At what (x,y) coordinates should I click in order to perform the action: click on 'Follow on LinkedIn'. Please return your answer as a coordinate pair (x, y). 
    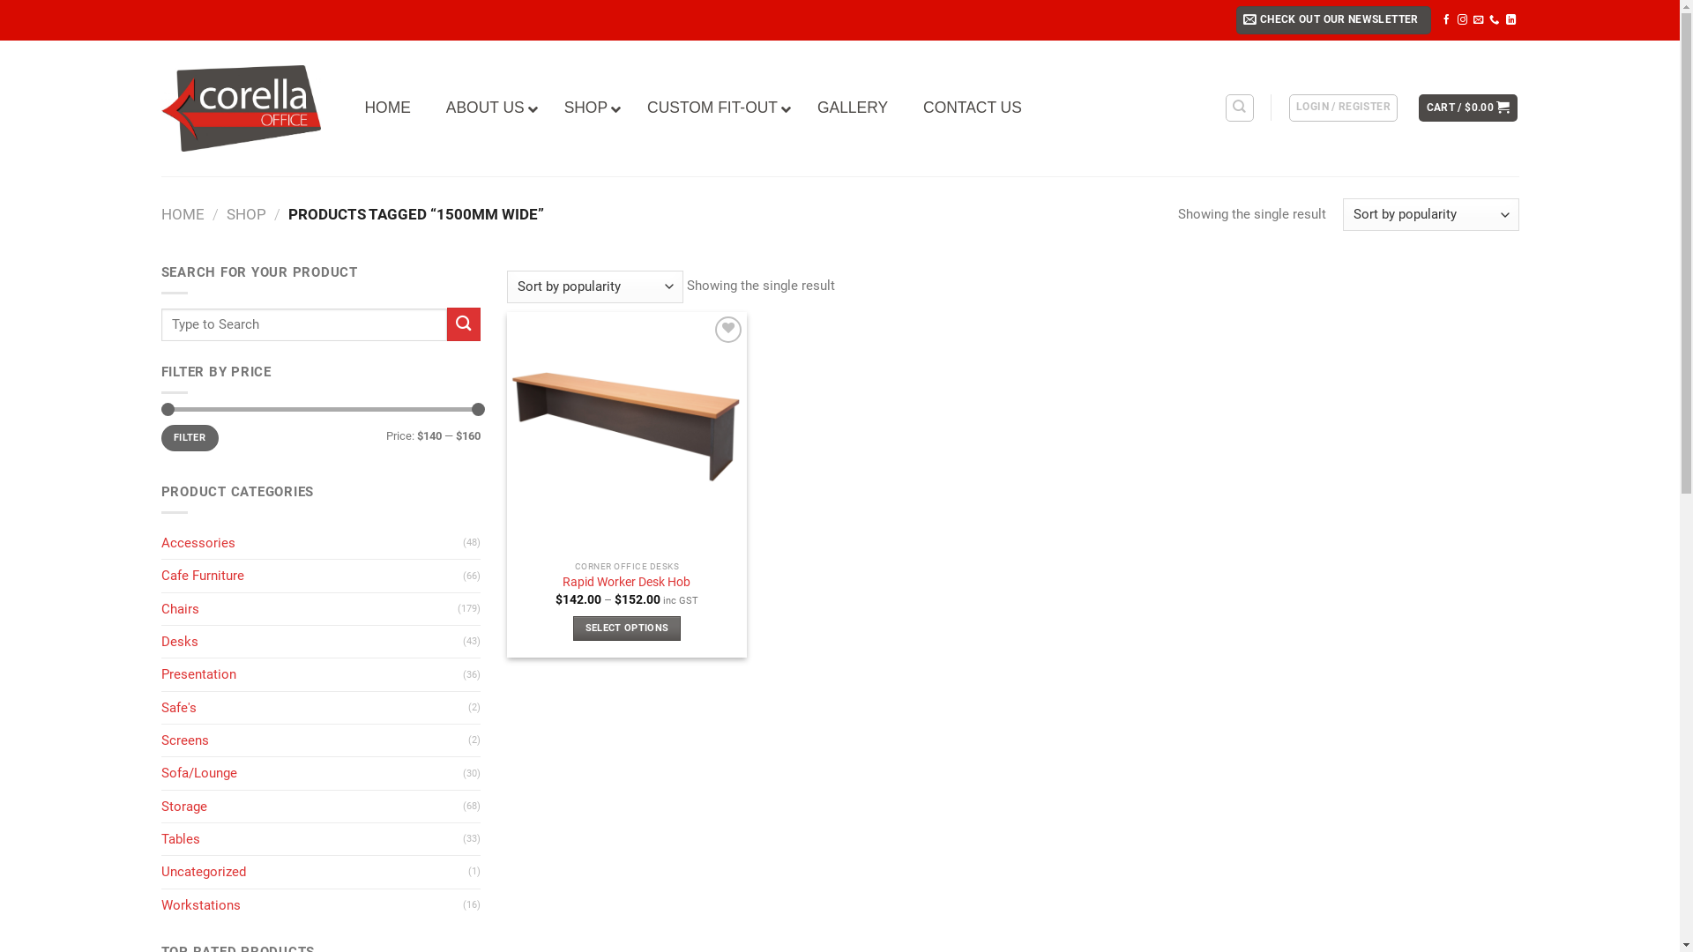
    Looking at the image, I should click on (1505, 20).